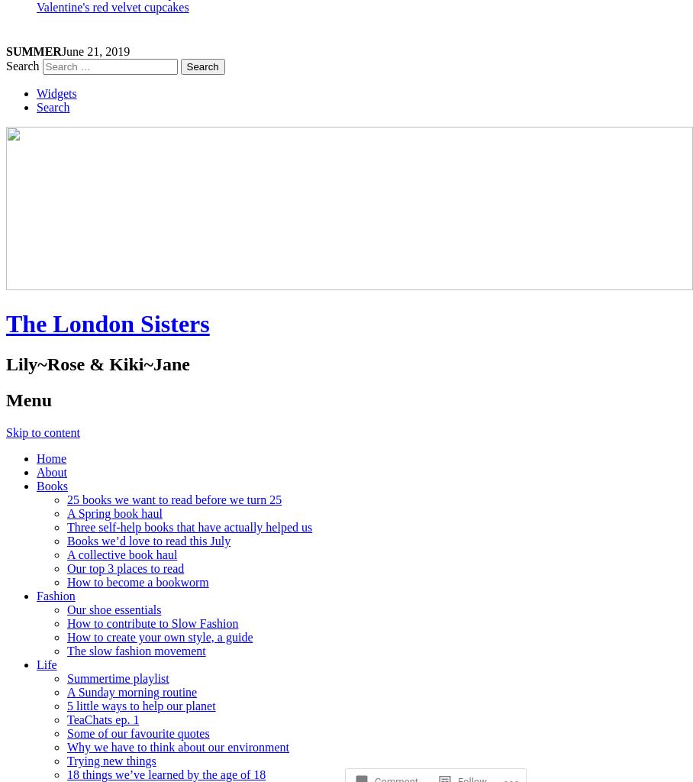 The height and width of the screenshot is (782, 693). I want to click on 'Widgets', so click(56, 93).